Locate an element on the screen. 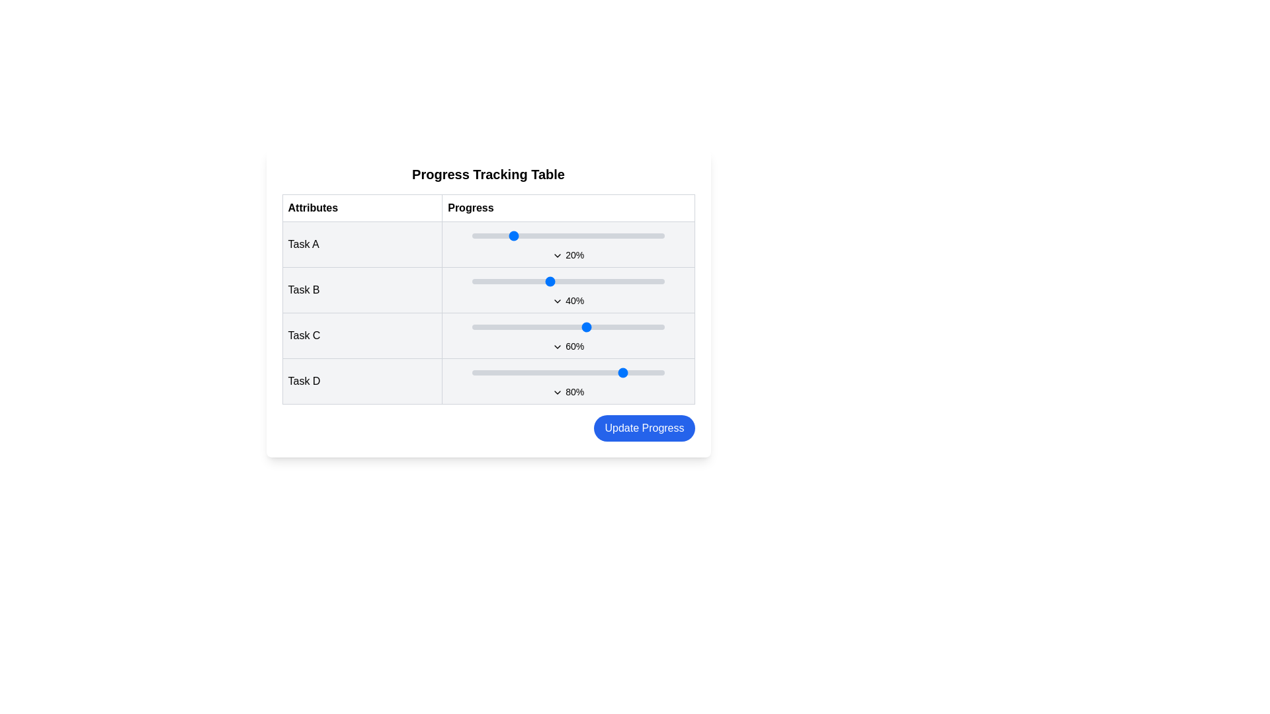  the progress for task B is located at coordinates (649, 280).